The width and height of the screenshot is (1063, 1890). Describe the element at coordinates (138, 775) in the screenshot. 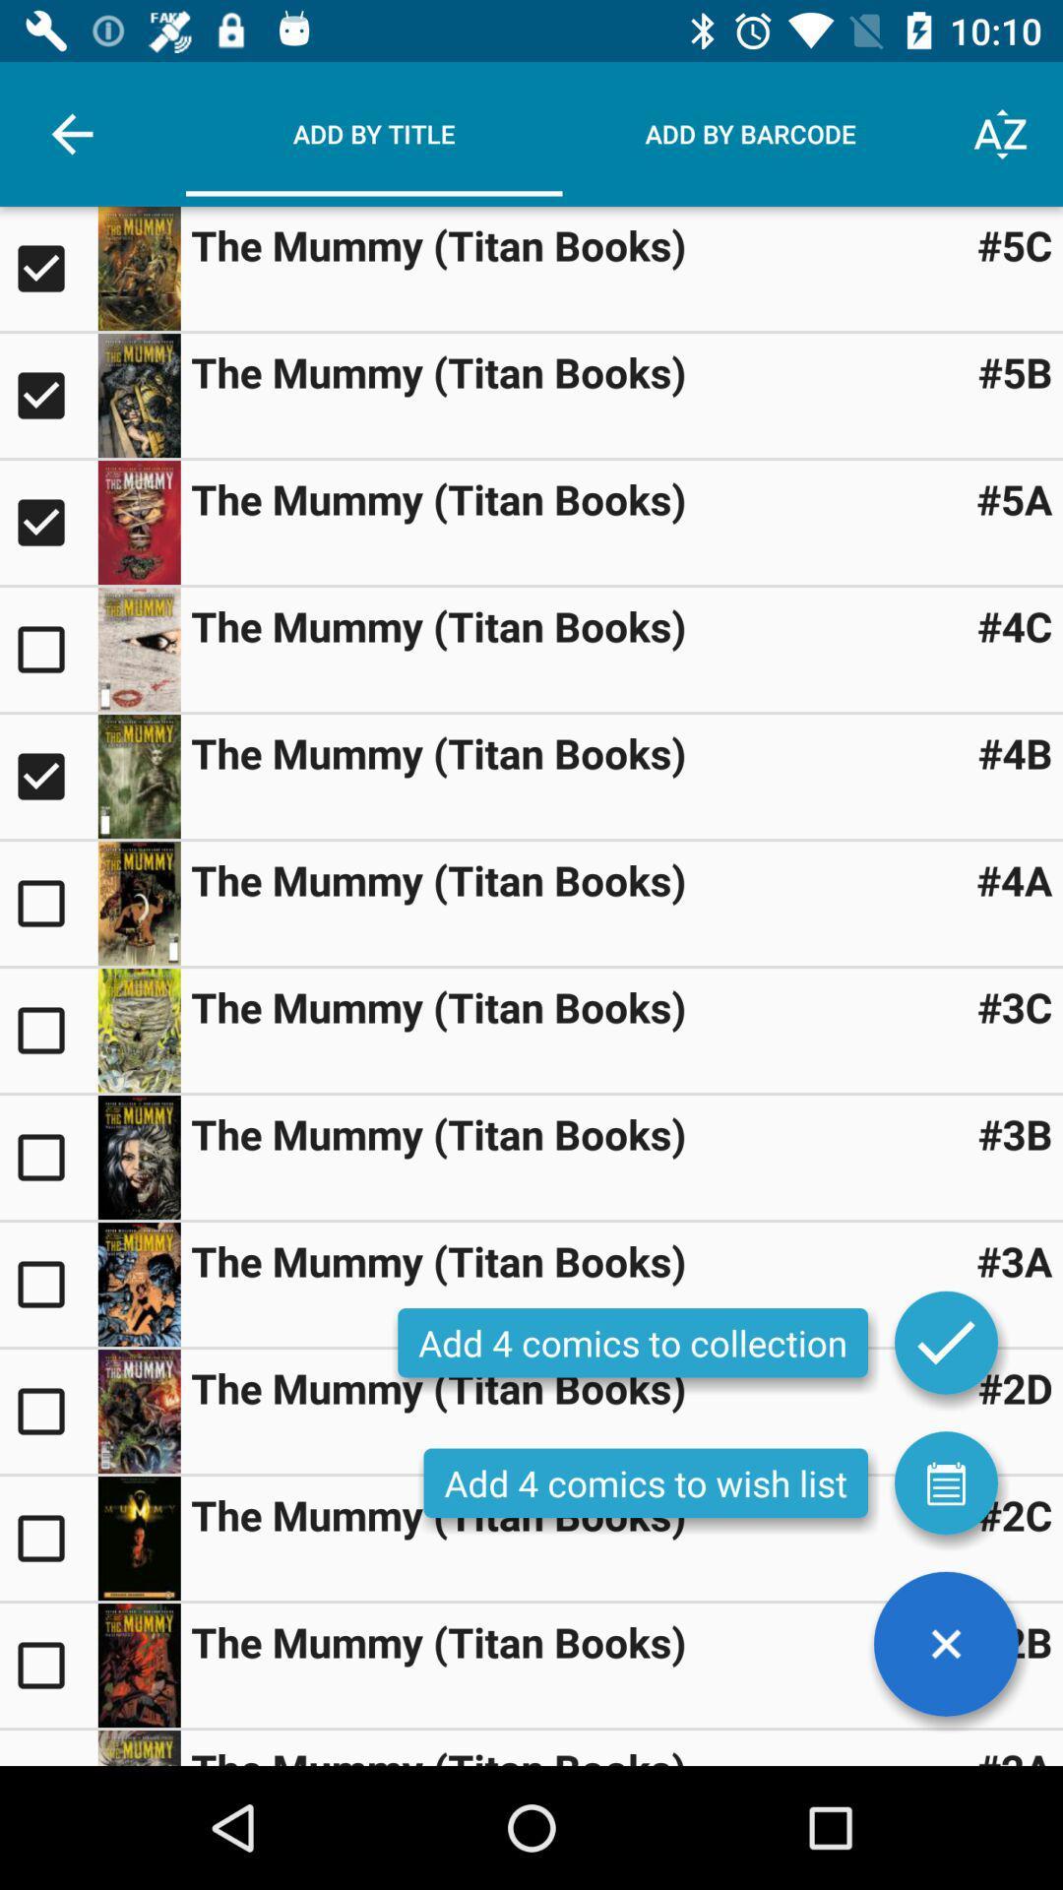

I see `display larger image of book cover` at that location.